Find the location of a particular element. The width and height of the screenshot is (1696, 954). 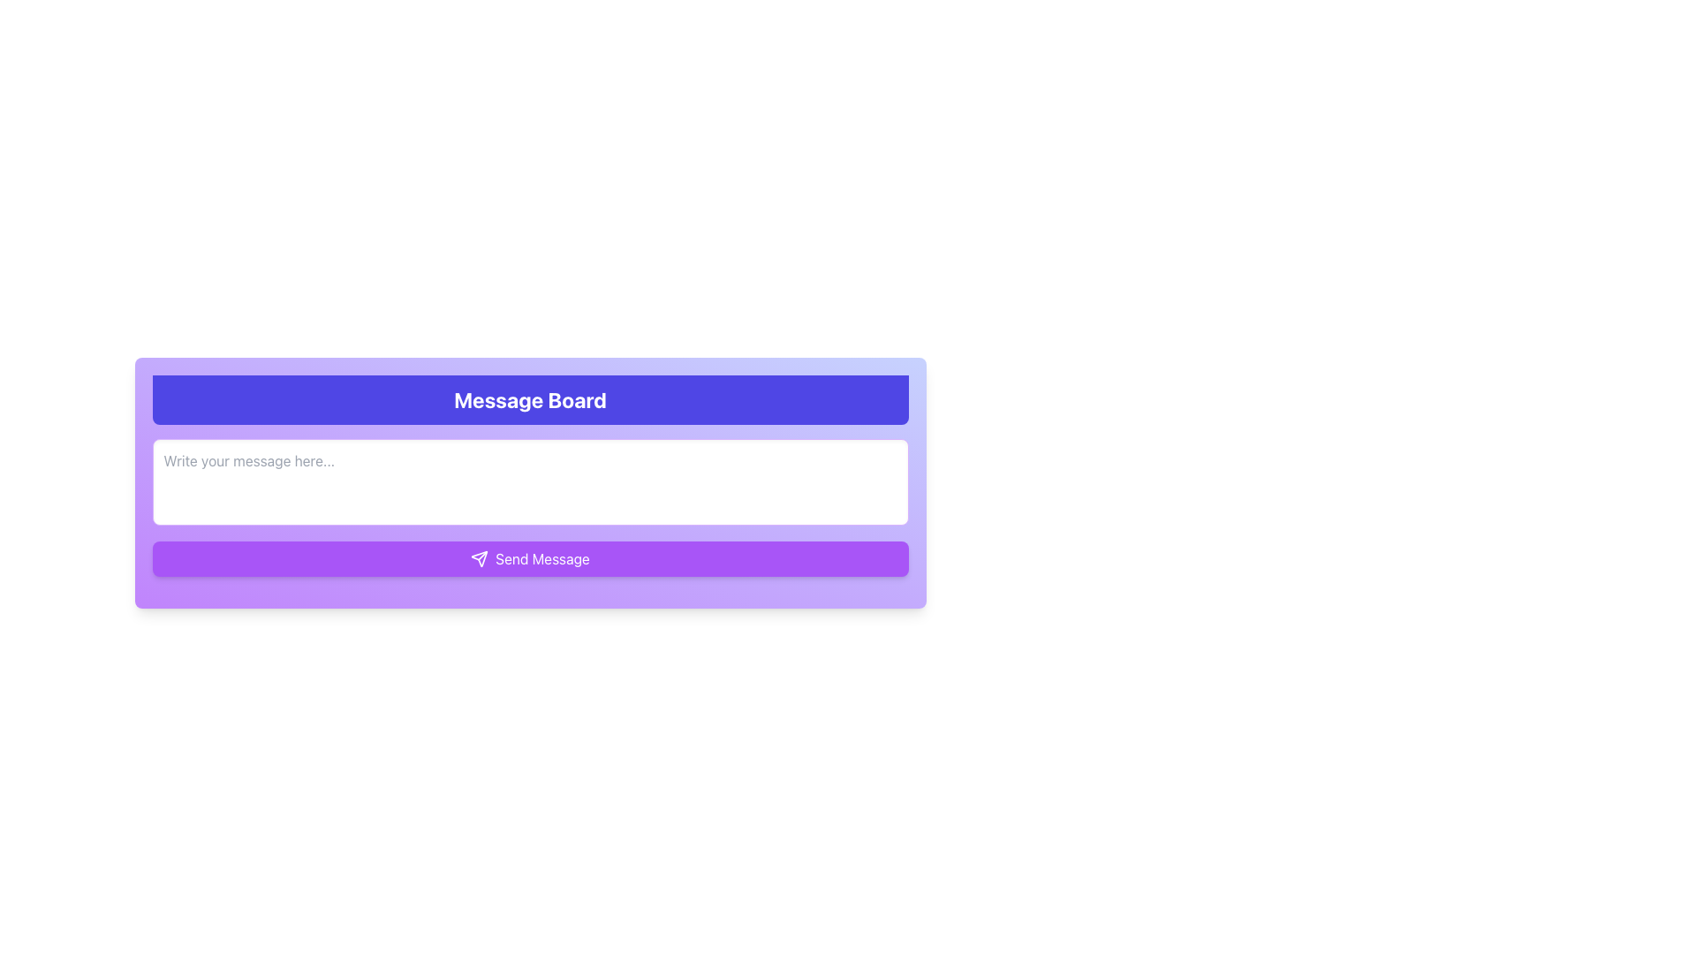

the decorative vector icon next to the 'Send Message' button, which enhances the button's send functionality is located at coordinates (480, 558).